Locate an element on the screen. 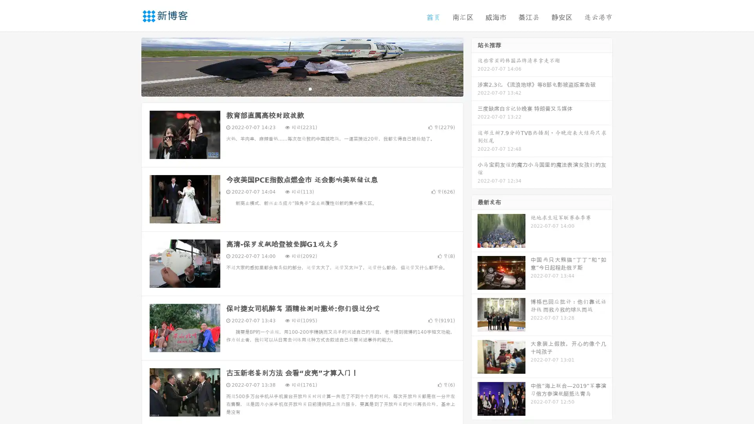 The image size is (754, 424). Go to slide 1 is located at coordinates (294, 88).